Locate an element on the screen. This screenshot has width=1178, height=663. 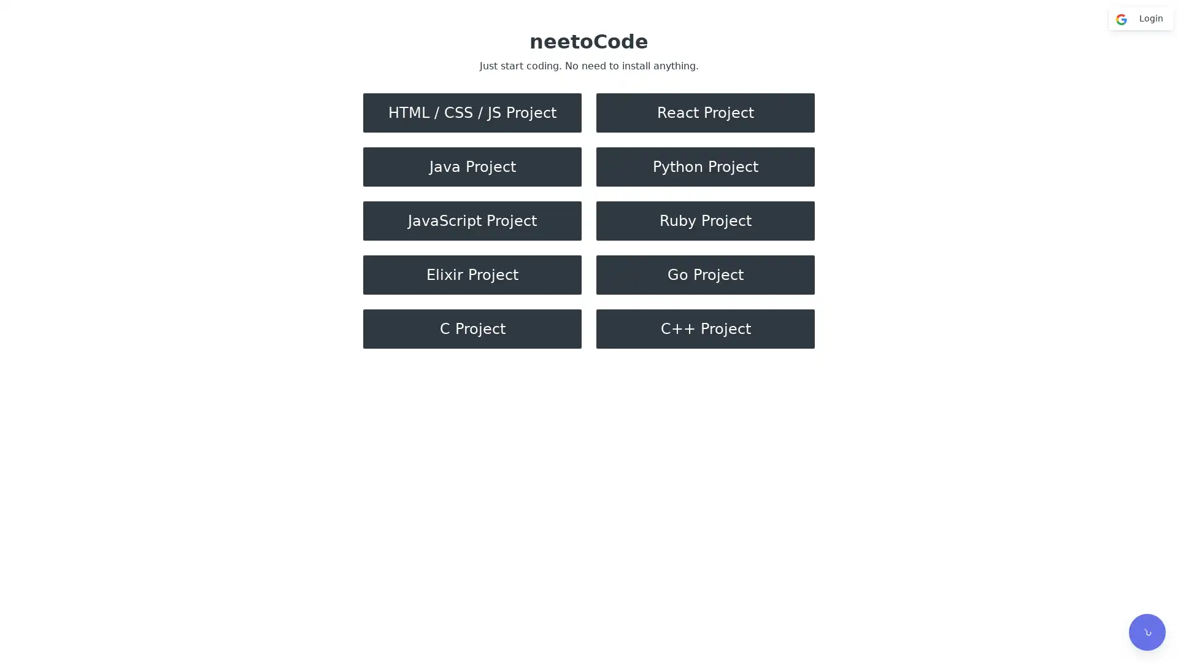
HTML / CSS / JS Project is located at coordinates (471, 113).